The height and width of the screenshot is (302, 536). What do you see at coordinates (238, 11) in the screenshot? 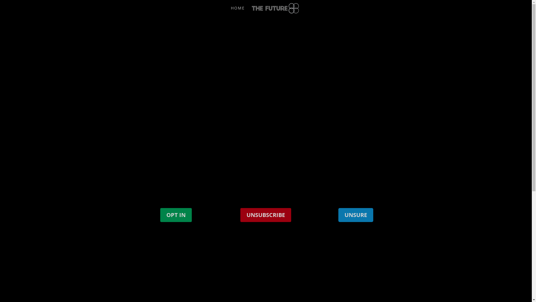
I see `'HOME'` at bounding box center [238, 11].